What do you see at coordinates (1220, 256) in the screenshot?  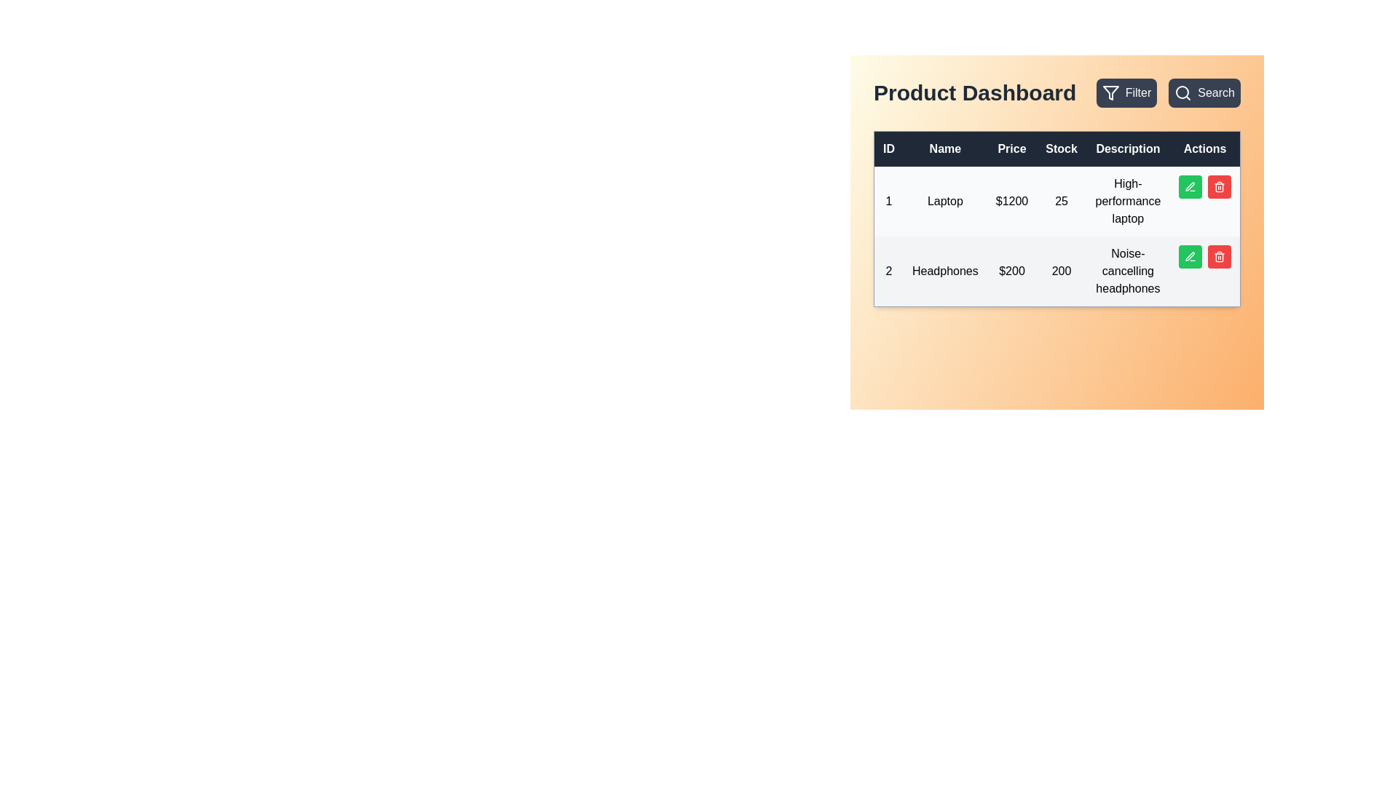 I see `the delete button located on the rightmost side of the action buttons row for the second item in the data table` at bounding box center [1220, 256].